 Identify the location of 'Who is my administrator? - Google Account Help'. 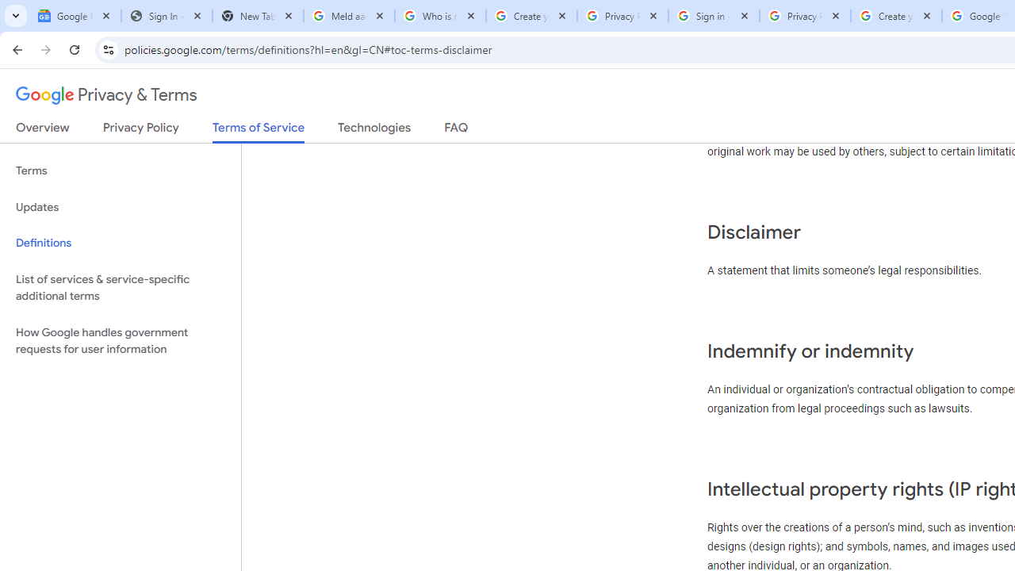
(440, 16).